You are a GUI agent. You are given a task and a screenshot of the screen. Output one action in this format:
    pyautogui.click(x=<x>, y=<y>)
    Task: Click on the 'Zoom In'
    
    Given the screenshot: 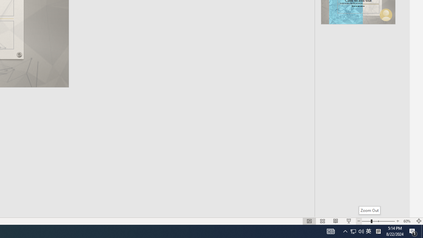 What is the action you would take?
    pyautogui.click(x=398, y=221)
    